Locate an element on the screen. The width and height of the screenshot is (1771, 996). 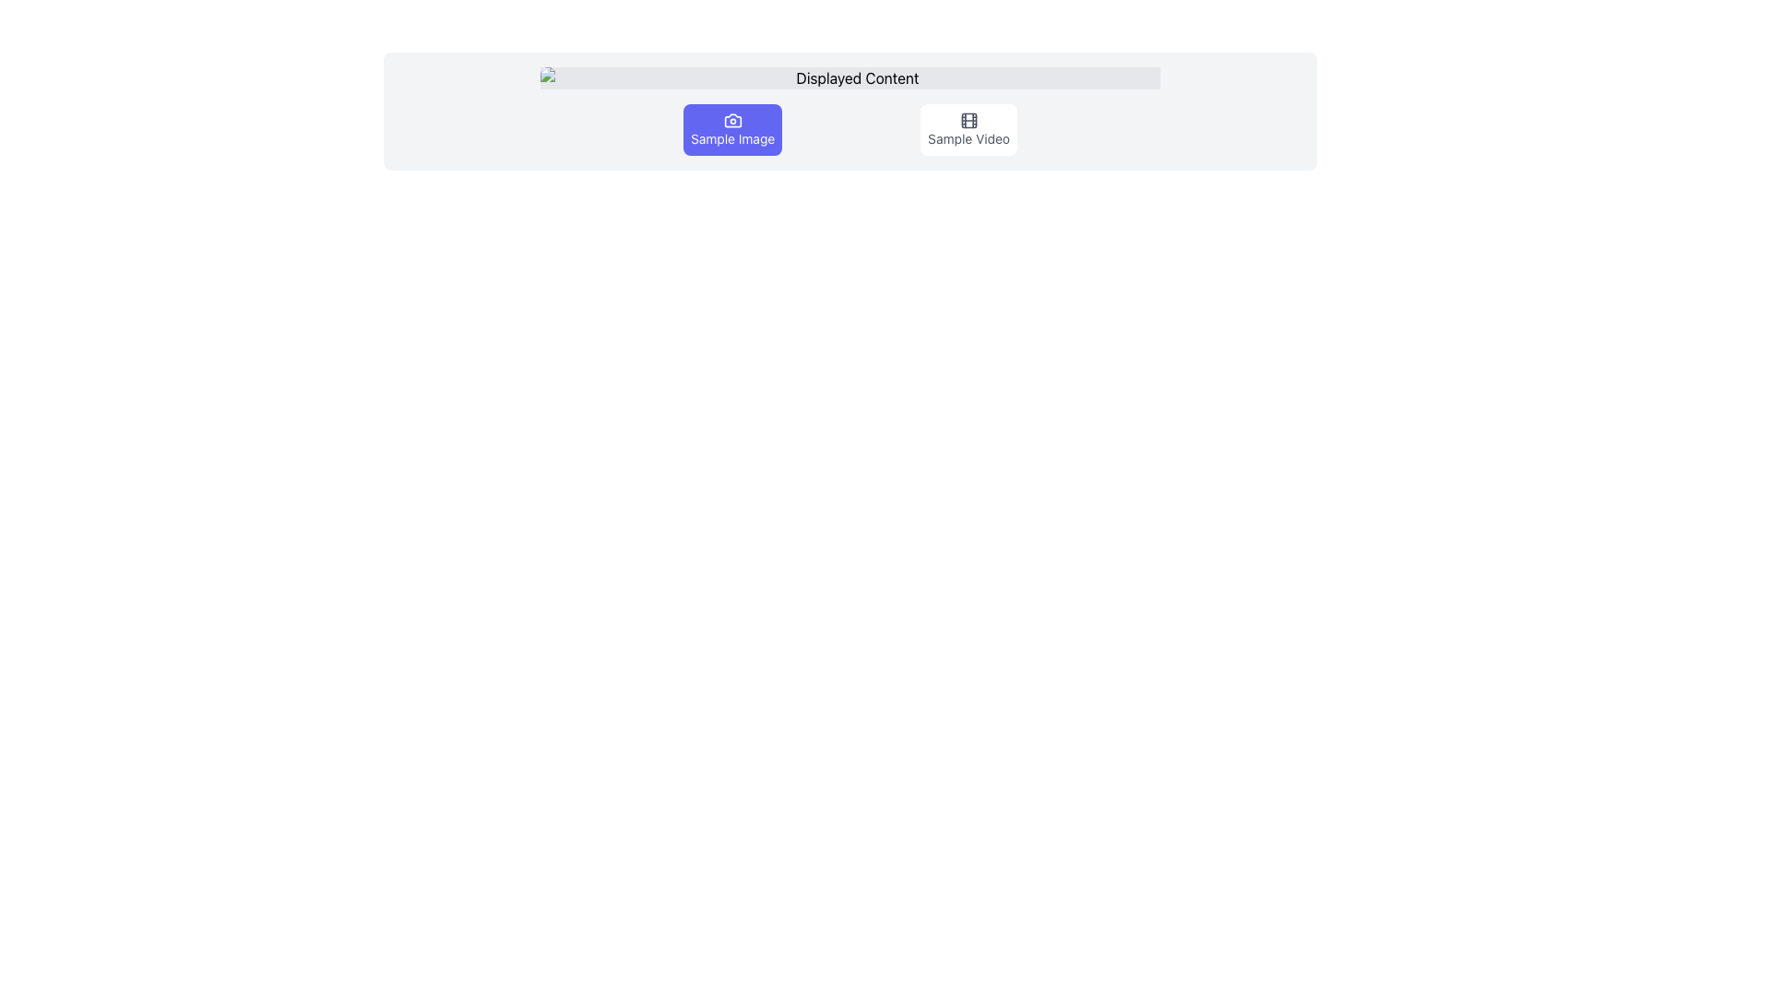
the button with a purple background and a white camera icon labeled 'Sample Image' is located at coordinates (731, 129).